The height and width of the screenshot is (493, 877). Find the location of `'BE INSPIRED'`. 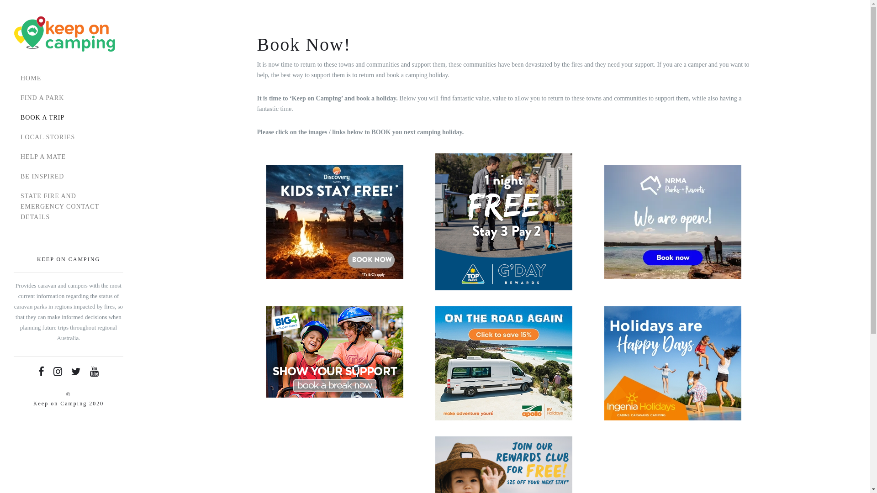

'BE INSPIRED' is located at coordinates (68, 176).